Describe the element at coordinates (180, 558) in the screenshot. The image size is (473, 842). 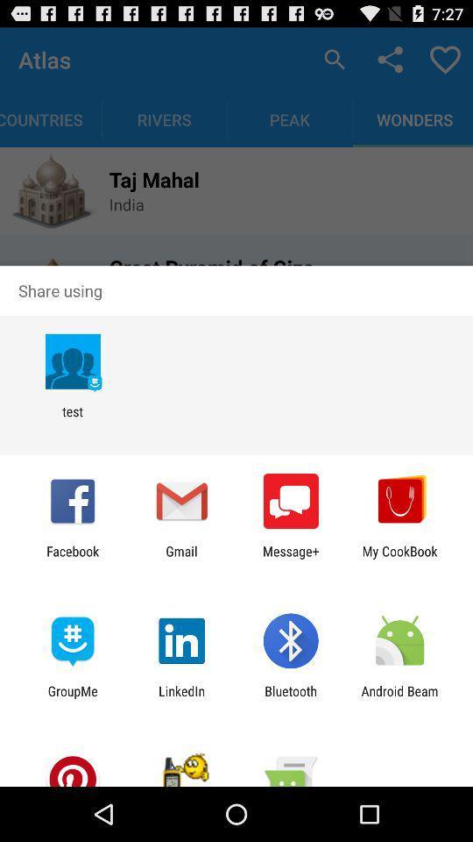
I see `icon next to message+ item` at that location.